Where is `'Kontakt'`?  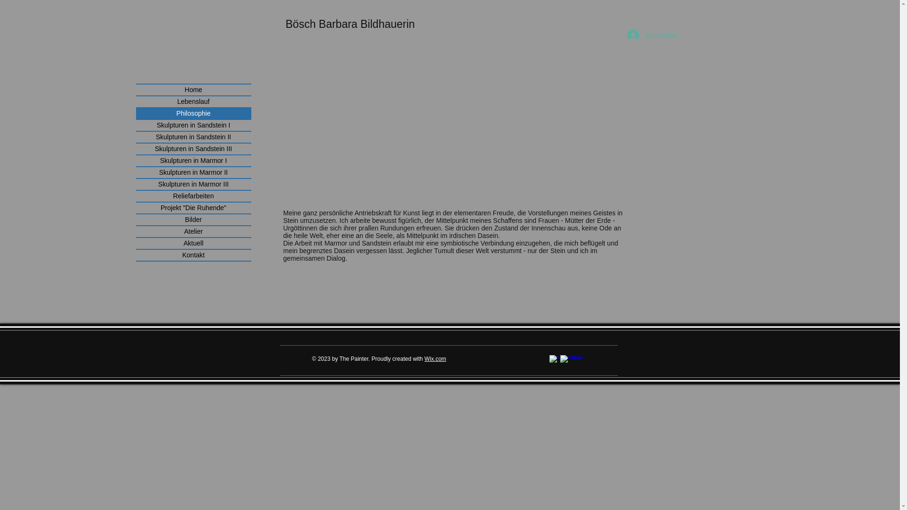 'Kontakt' is located at coordinates (193, 255).